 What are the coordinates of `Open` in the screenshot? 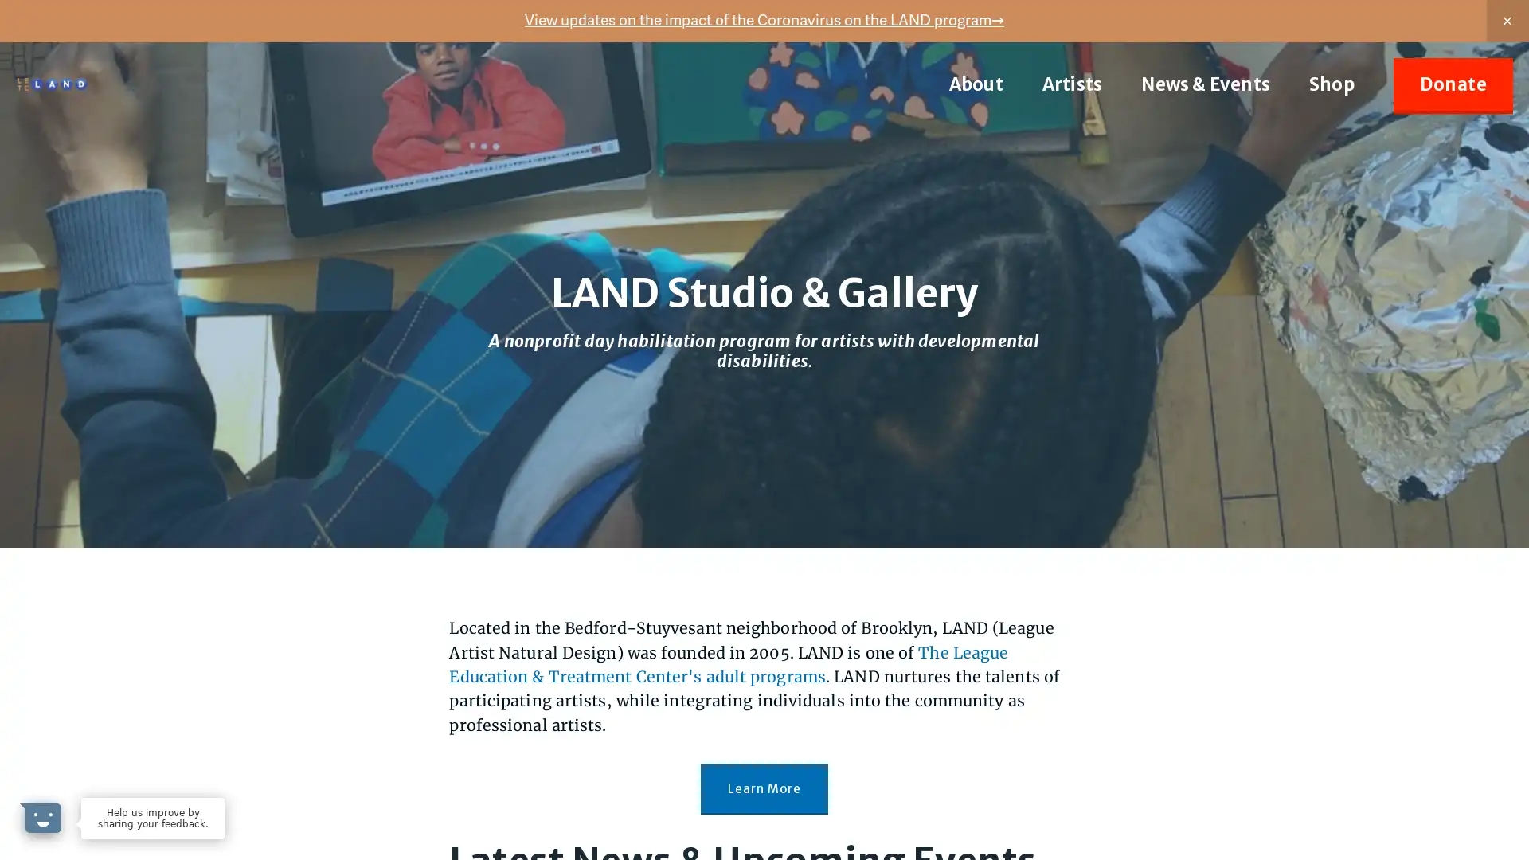 It's located at (41, 817).